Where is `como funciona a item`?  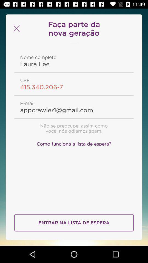 como funciona a item is located at coordinates (74, 143).